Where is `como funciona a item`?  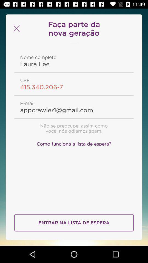 como funciona a item is located at coordinates (74, 143).